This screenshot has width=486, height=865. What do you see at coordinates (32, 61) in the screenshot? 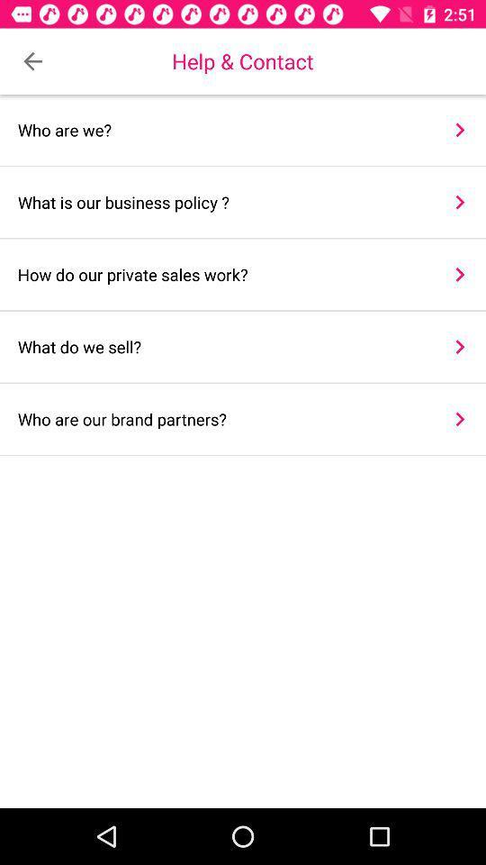
I see `the icon above who are we? item` at bounding box center [32, 61].